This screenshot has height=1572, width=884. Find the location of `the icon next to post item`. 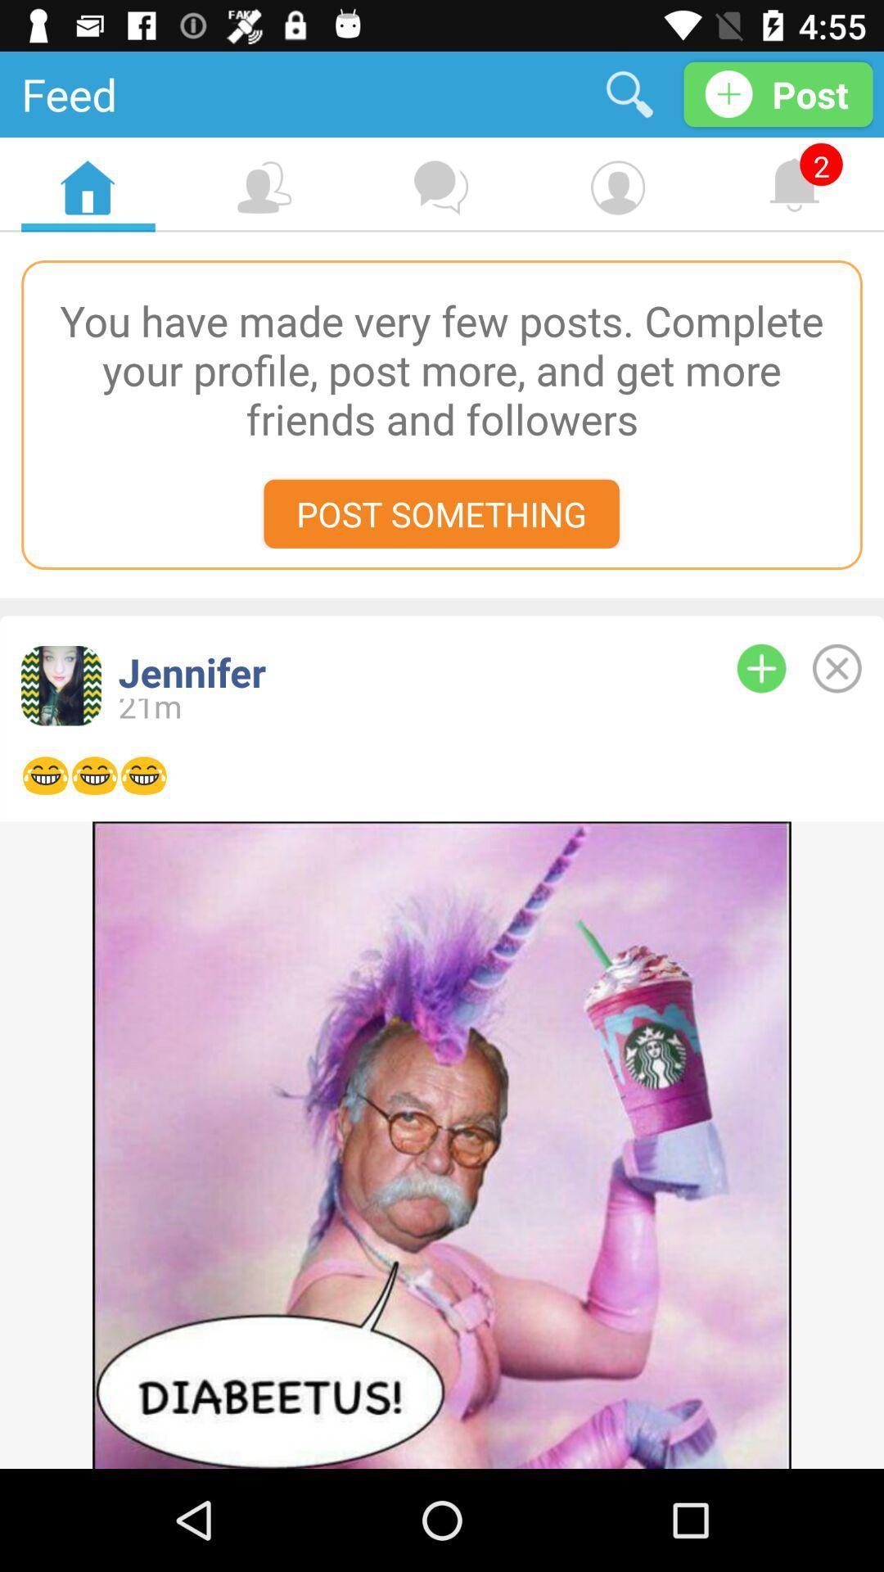

the icon next to post item is located at coordinates (629, 93).